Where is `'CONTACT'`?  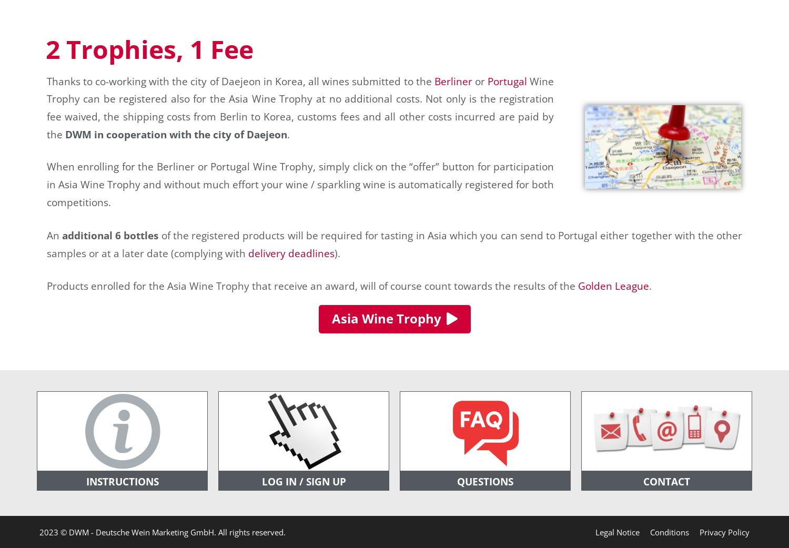 'CONTACT' is located at coordinates (666, 481).